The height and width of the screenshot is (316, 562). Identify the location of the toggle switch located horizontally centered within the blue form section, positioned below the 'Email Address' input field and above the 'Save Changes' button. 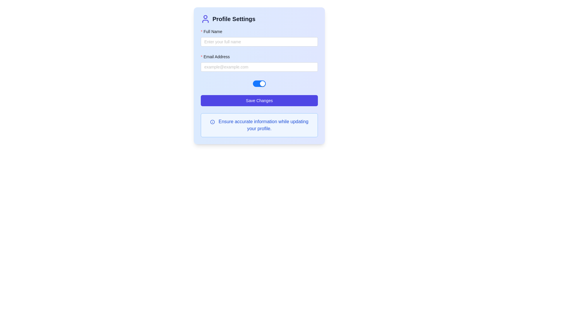
(259, 83).